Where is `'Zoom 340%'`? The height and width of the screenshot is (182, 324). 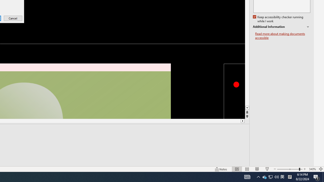 'Zoom 340%' is located at coordinates (312, 169).